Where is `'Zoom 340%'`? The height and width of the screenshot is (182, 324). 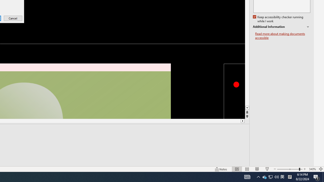 'Zoom 340%' is located at coordinates (312, 169).